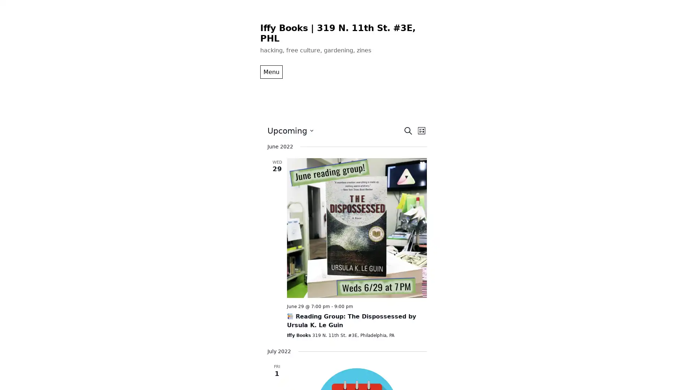 The image size is (694, 390). Describe the element at coordinates (290, 130) in the screenshot. I see `Click to toggle datepicker` at that location.